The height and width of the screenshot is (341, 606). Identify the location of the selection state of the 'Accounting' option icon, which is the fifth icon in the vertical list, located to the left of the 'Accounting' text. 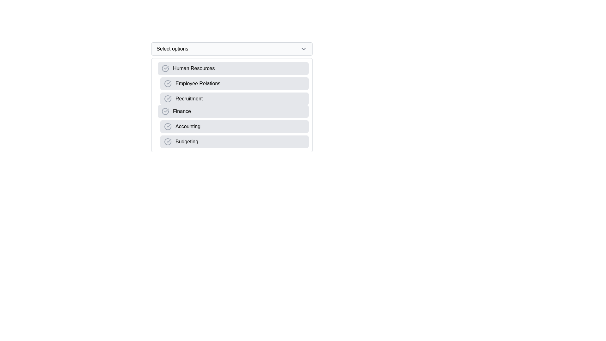
(168, 127).